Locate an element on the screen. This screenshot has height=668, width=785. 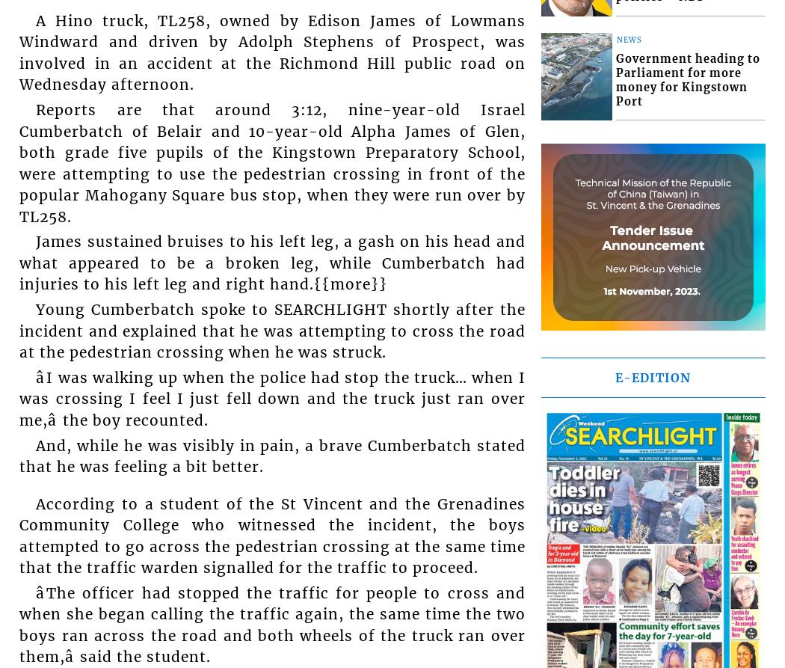
'According to a student of the St Vincent and the Grenadines Community College who witnessed the incident, the boys attempted to go across the pedestrian crossing at the same time that the traffic warden signalled for the traffic to proceed.' is located at coordinates (271, 536).